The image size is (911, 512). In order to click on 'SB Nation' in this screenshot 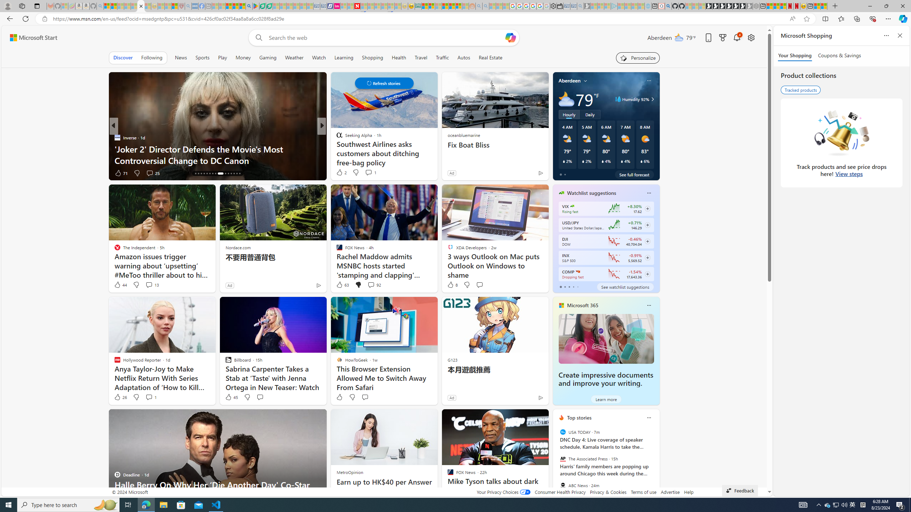, I will do `click(336, 137)`.